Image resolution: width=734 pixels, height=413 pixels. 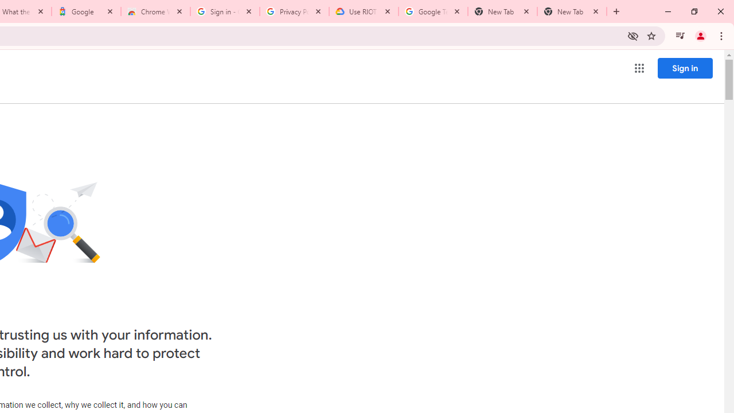 I want to click on 'Google', so click(x=85, y=11).